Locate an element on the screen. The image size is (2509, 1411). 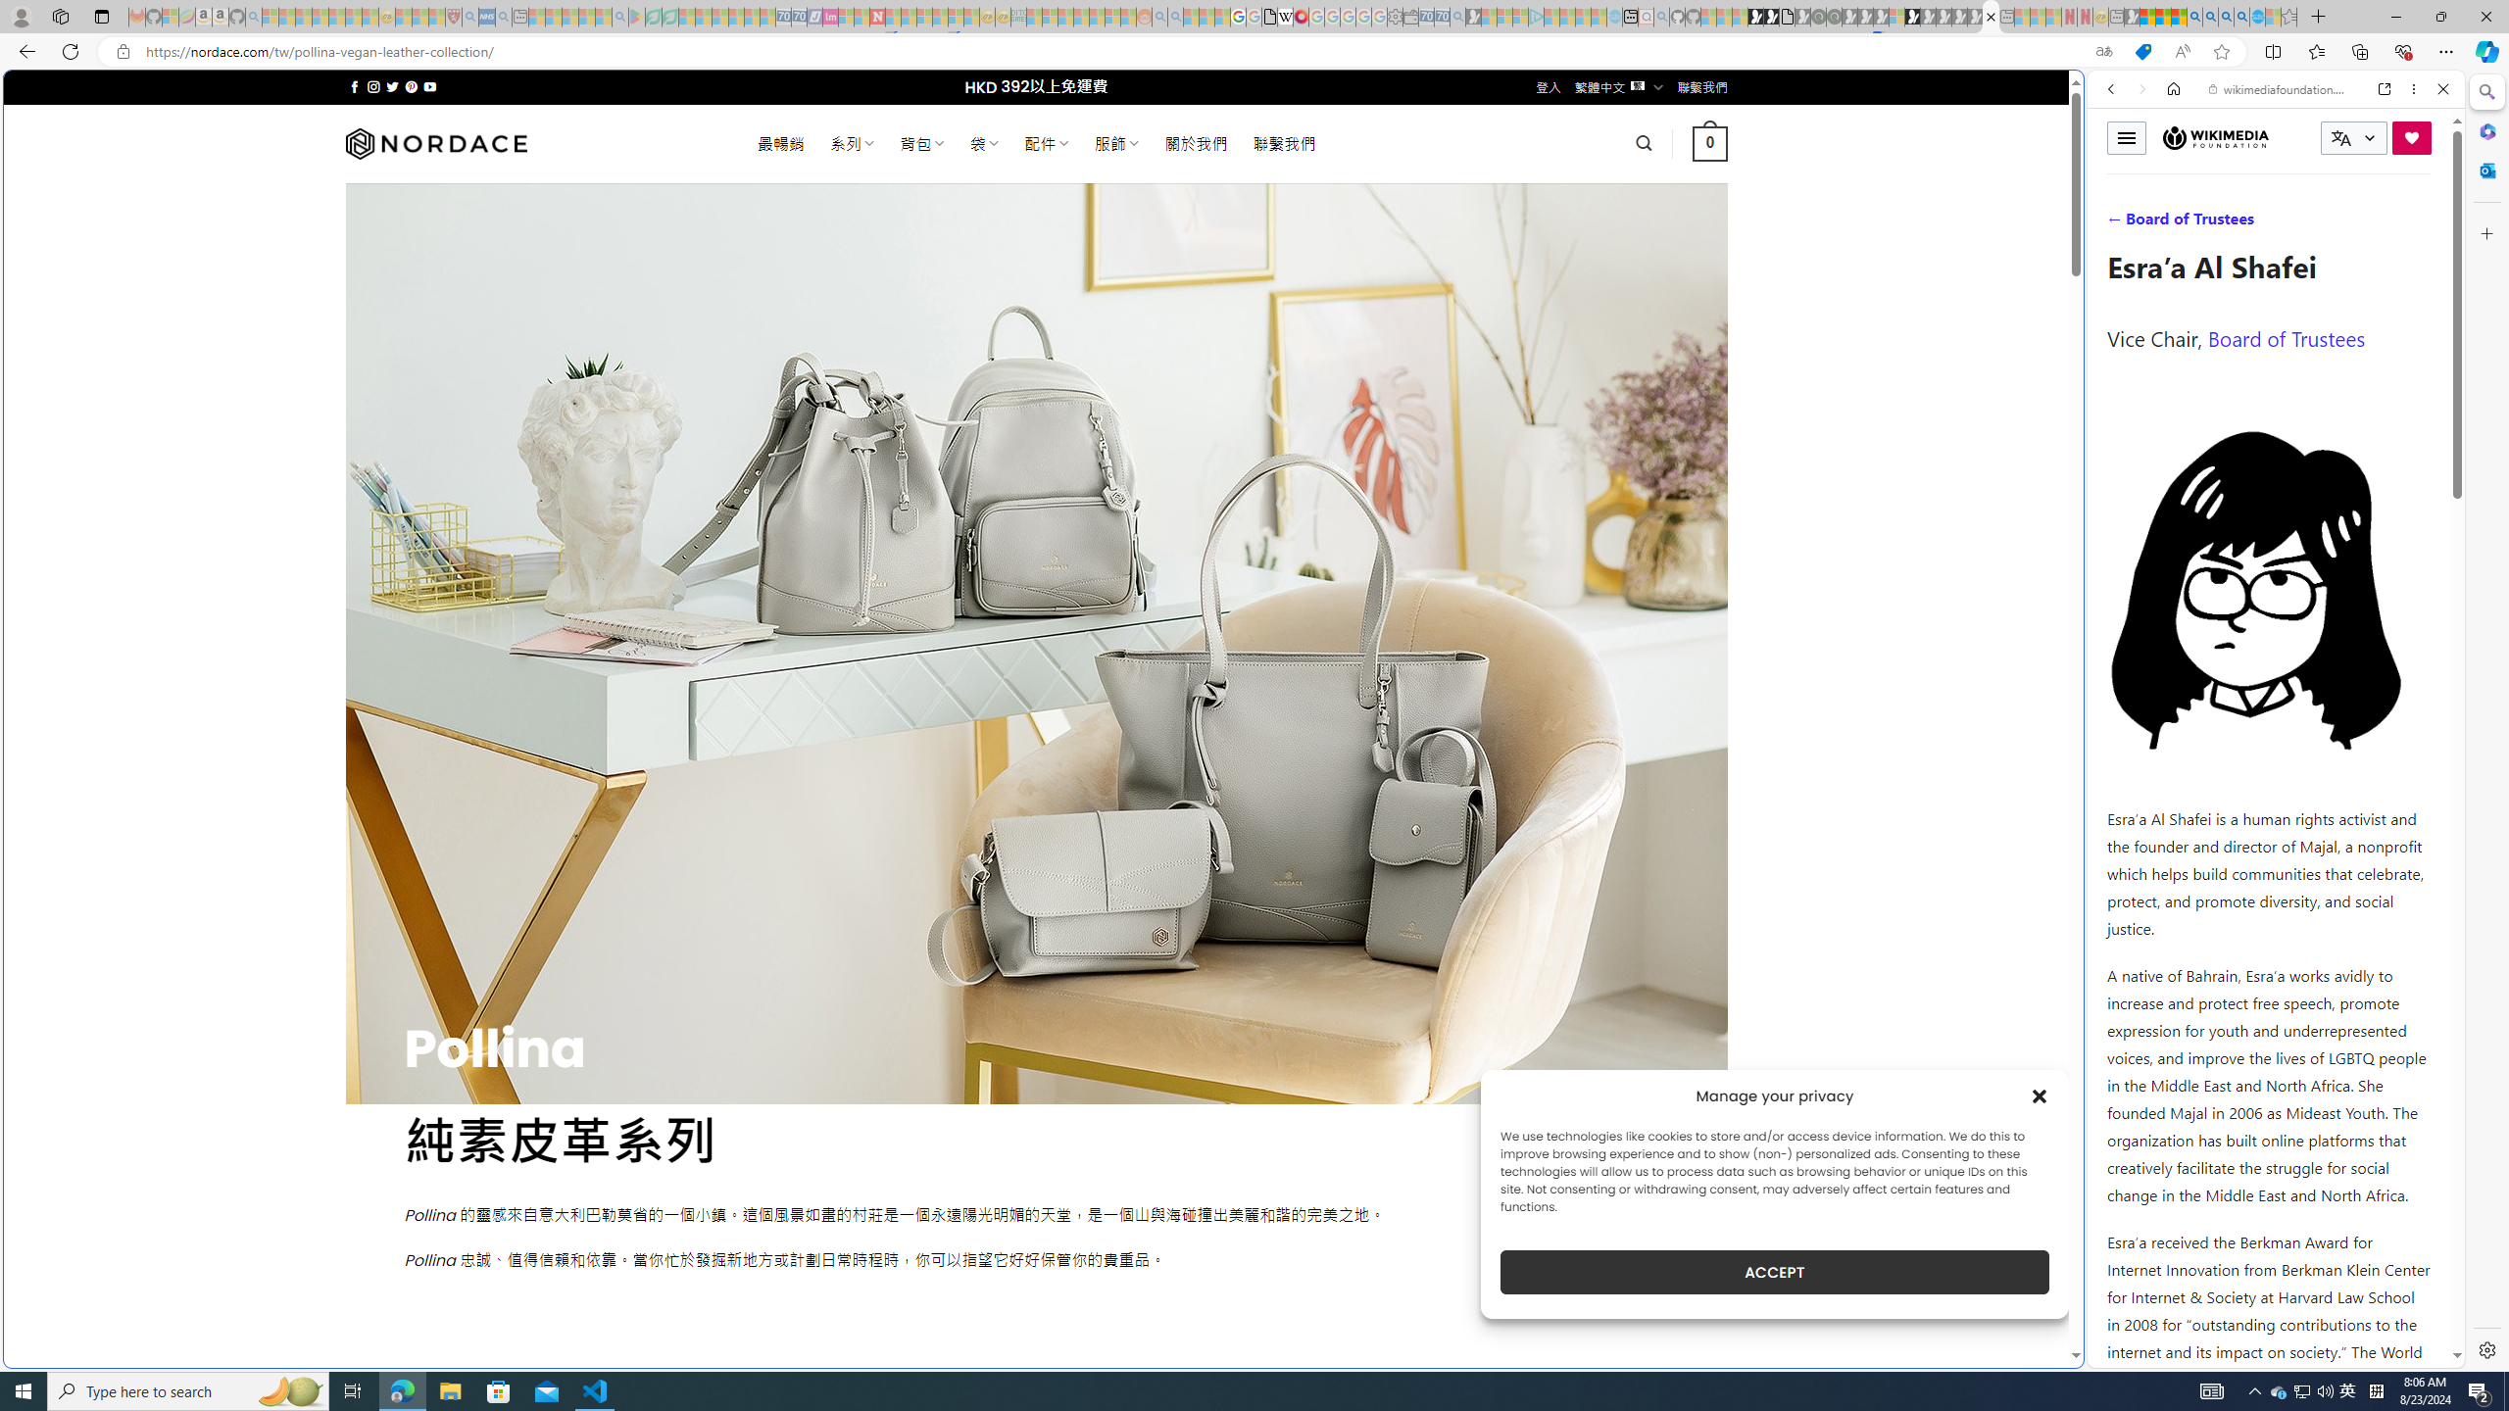
'Wikimedia Foundation' is located at coordinates (2216, 136).